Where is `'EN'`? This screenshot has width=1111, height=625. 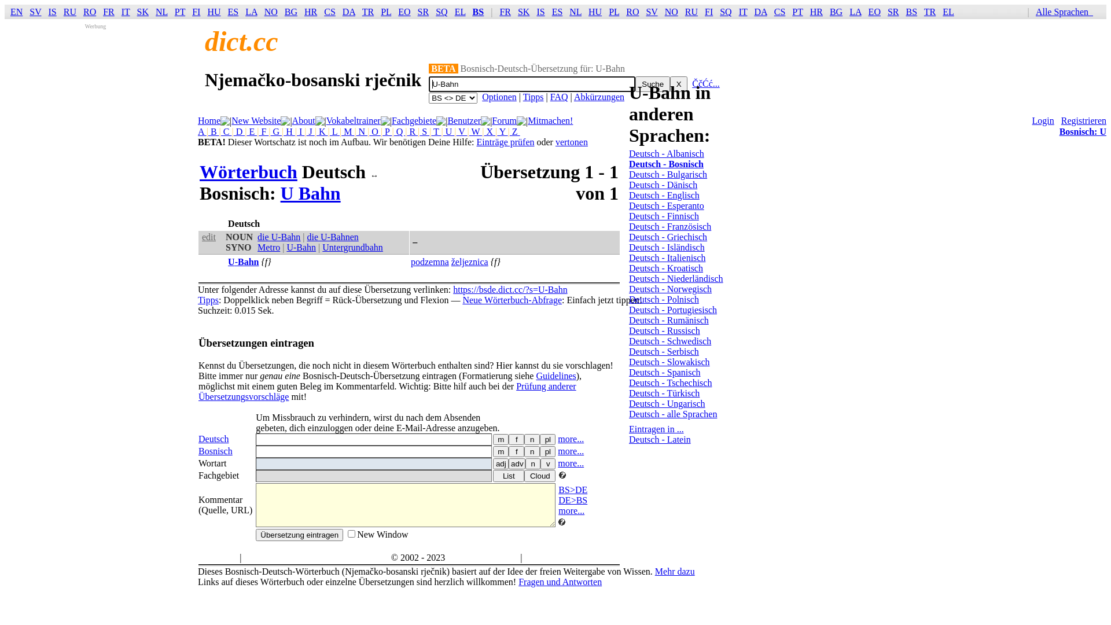
'EN' is located at coordinates (16, 12).